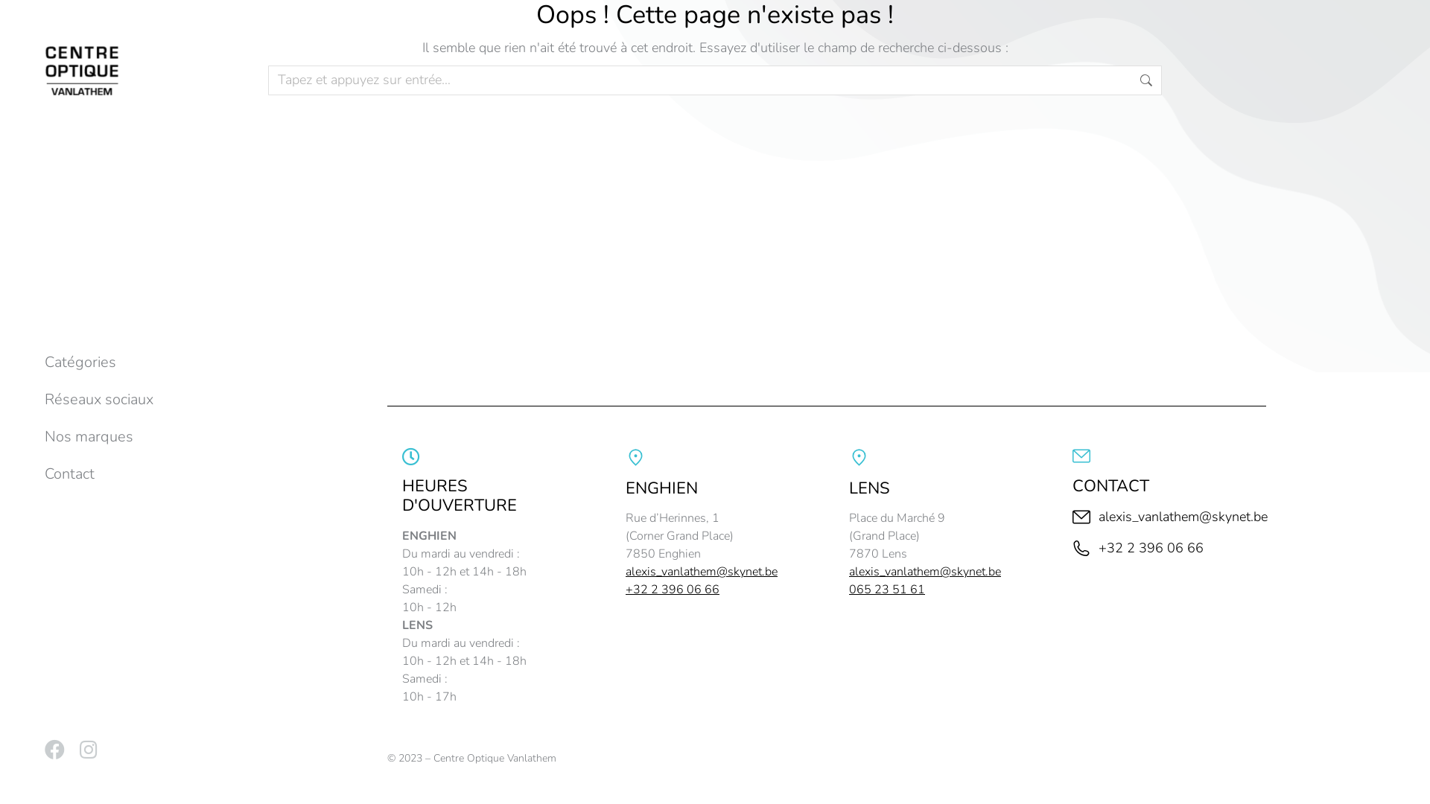  What do you see at coordinates (110, 473) in the screenshot?
I see `'Contact'` at bounding box center [110, 473].